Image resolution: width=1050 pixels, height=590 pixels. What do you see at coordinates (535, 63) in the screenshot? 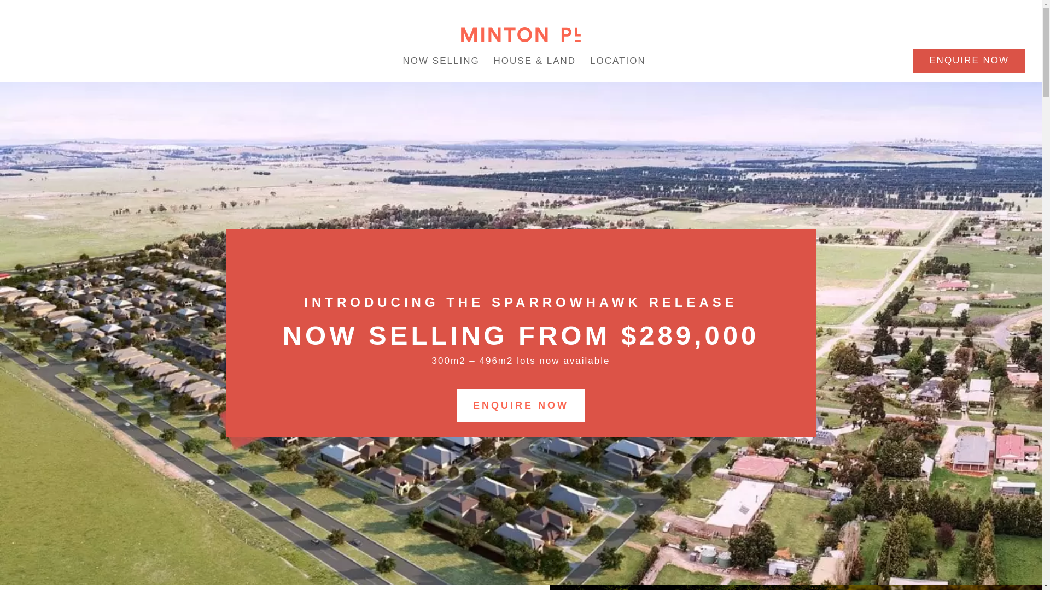
I see `'HOUSE & LAND'` at bounding box center [535, 63].